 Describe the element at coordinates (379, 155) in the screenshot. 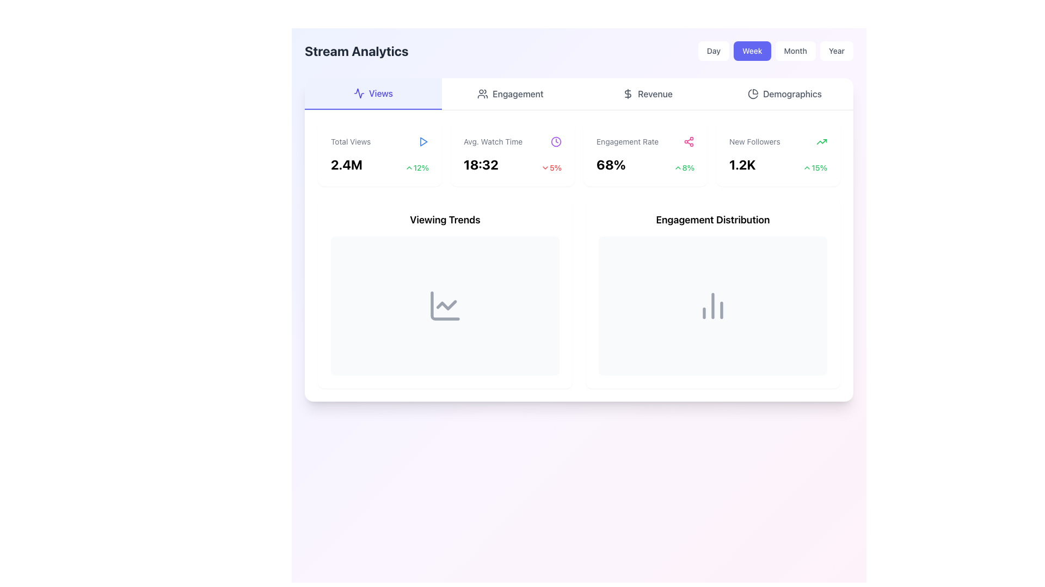

I see `data displayed on the Informational card that shows 'Total Views' with the value '2.4M' and the percentage change of '+12%' in the bottom right corner` at that location.